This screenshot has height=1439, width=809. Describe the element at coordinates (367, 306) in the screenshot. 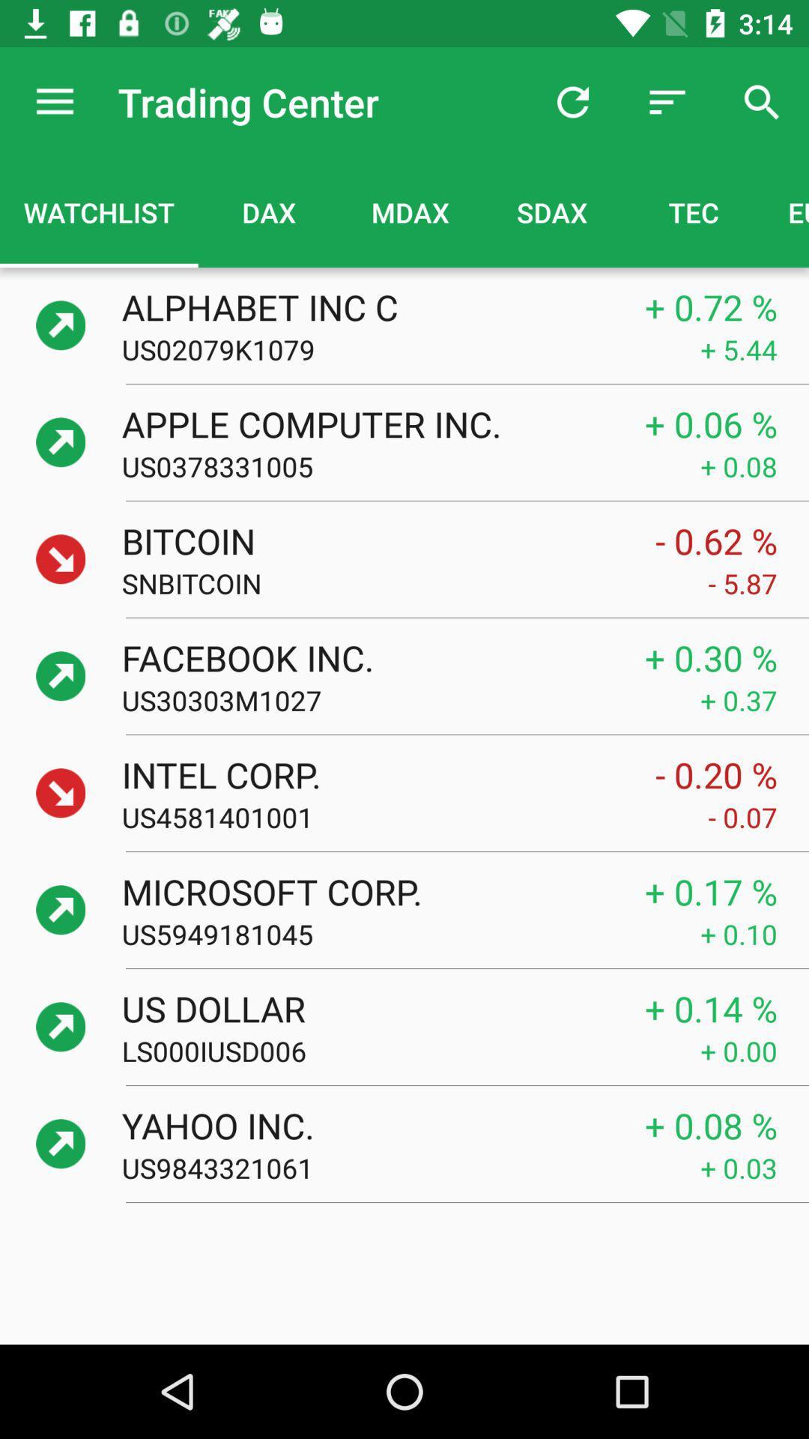

I see `the icon next to the + 0.72 %` at that location.